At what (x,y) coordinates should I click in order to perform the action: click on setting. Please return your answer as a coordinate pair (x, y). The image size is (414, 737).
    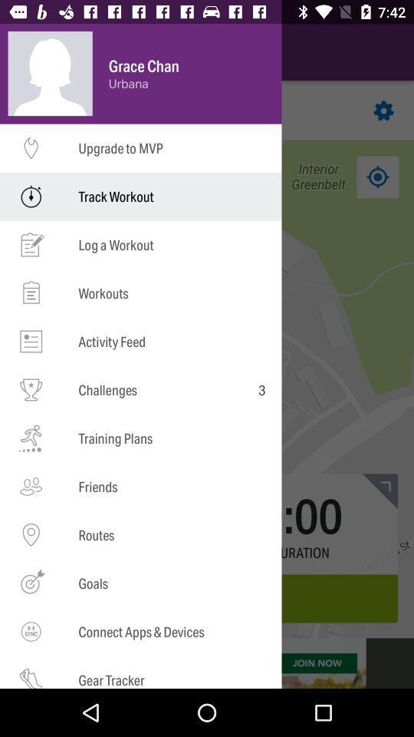
    Looking at the image, I should click on (383, 110).